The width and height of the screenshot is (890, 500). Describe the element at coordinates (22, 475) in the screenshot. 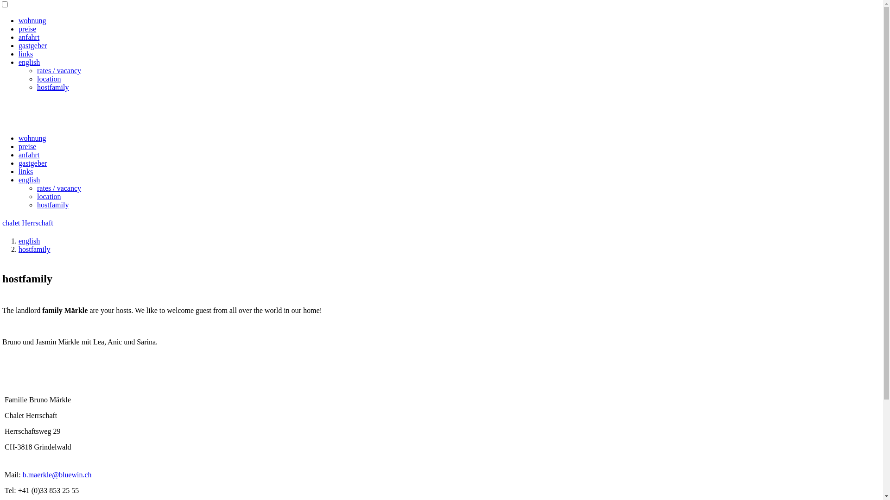

I see `'b.maerkle@bluewin.ch'` at that location.